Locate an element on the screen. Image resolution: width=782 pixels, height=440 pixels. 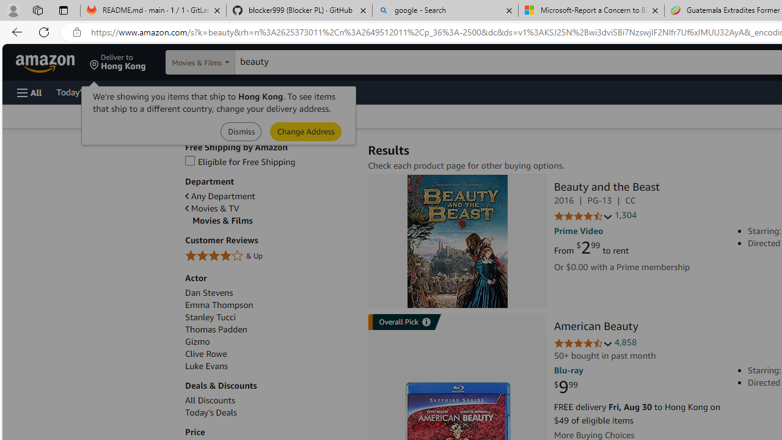
'Movies & TV' is located at coordinates (212, 208).